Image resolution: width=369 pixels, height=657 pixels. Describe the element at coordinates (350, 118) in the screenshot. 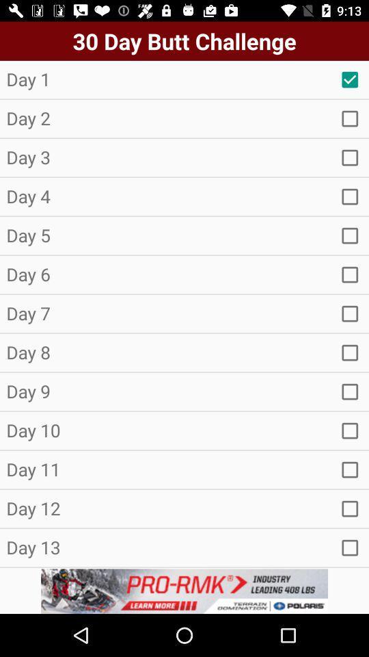

I see `seach button` at that location.